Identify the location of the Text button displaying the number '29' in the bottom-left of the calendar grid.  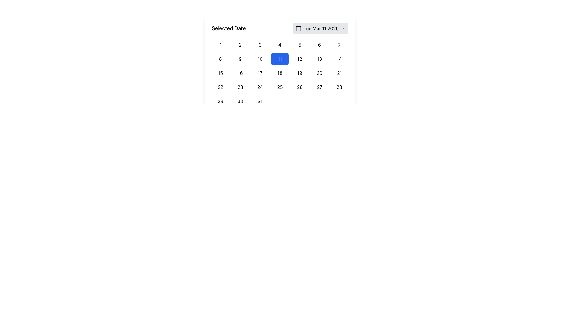
(220, 101).